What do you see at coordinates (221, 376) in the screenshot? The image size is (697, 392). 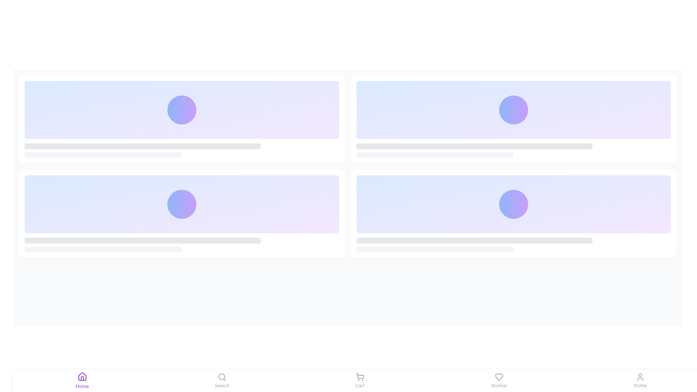 I see `internal SVG circle element of the 'Search' icon located at the bottom of the interface, which represents the 'Search' functionality` at bounding box center [221, 376].